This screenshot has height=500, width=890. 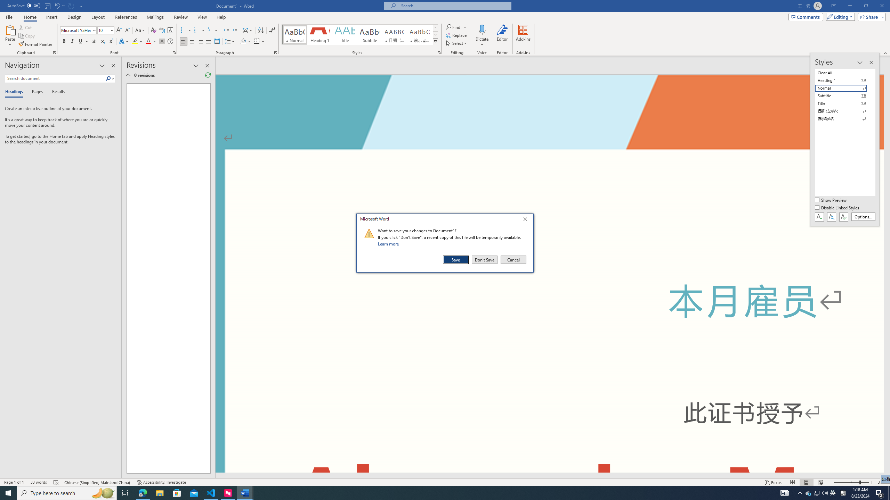 What do you see at coordinates (211, 492) in the screenshot?
I see `'Visual Studio Code - 1 running window'` at bounding box center [211, 492].